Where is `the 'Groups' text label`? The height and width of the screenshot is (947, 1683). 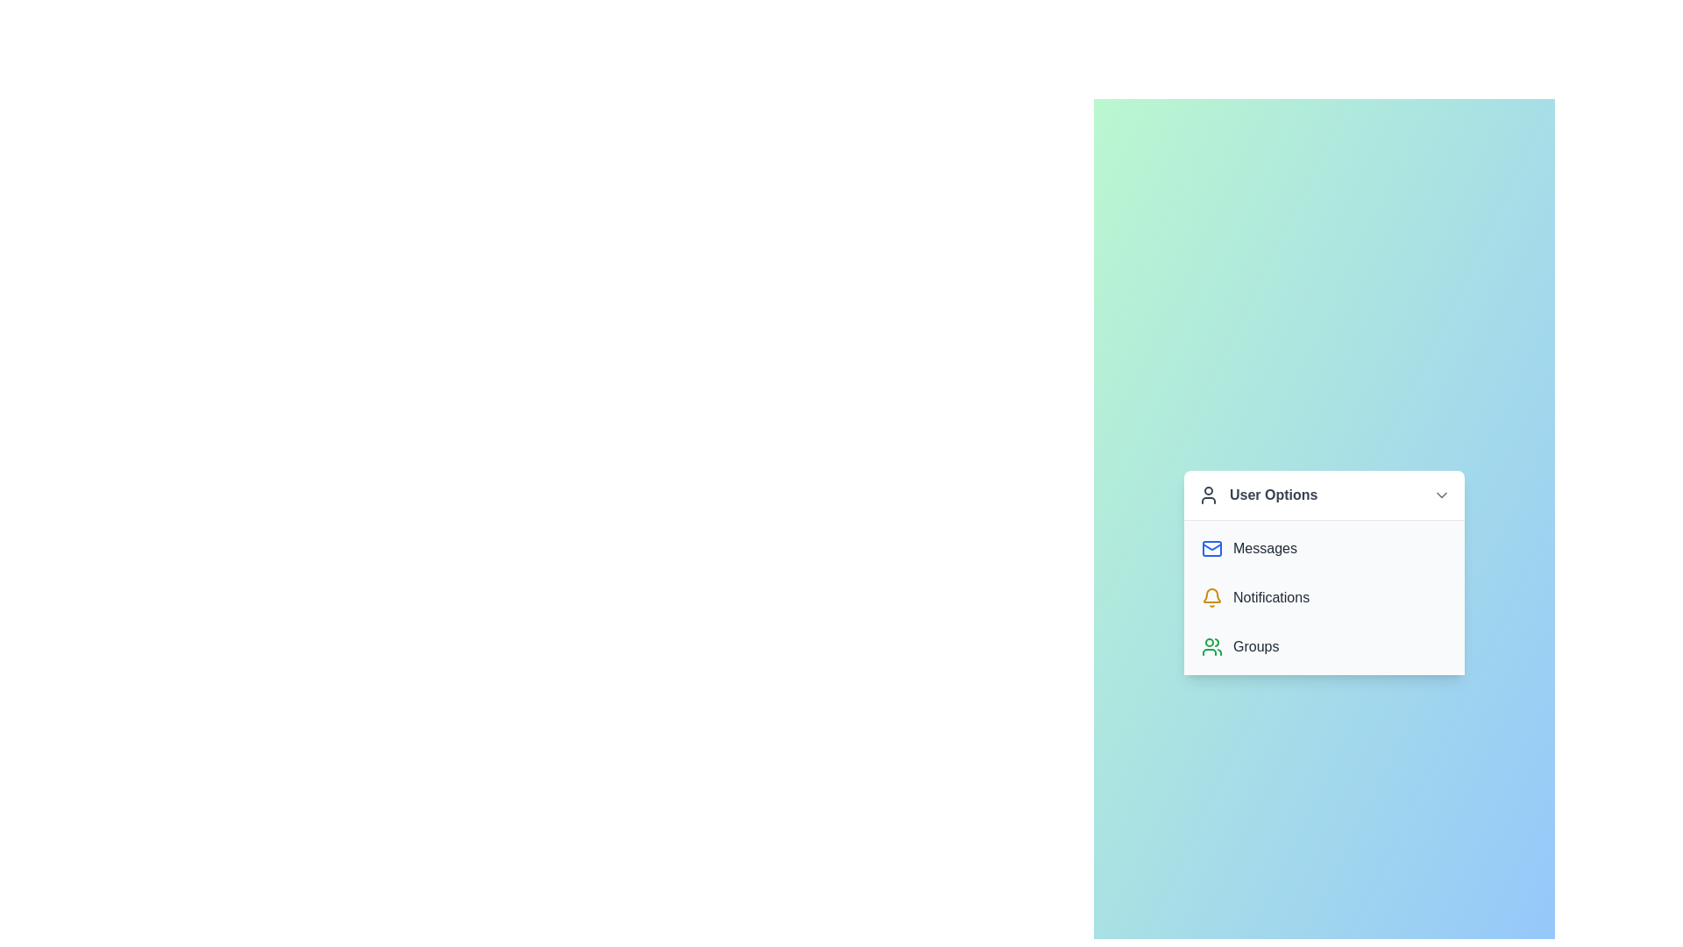 the 'Groups' text label is located at coordinates (1255, 646).